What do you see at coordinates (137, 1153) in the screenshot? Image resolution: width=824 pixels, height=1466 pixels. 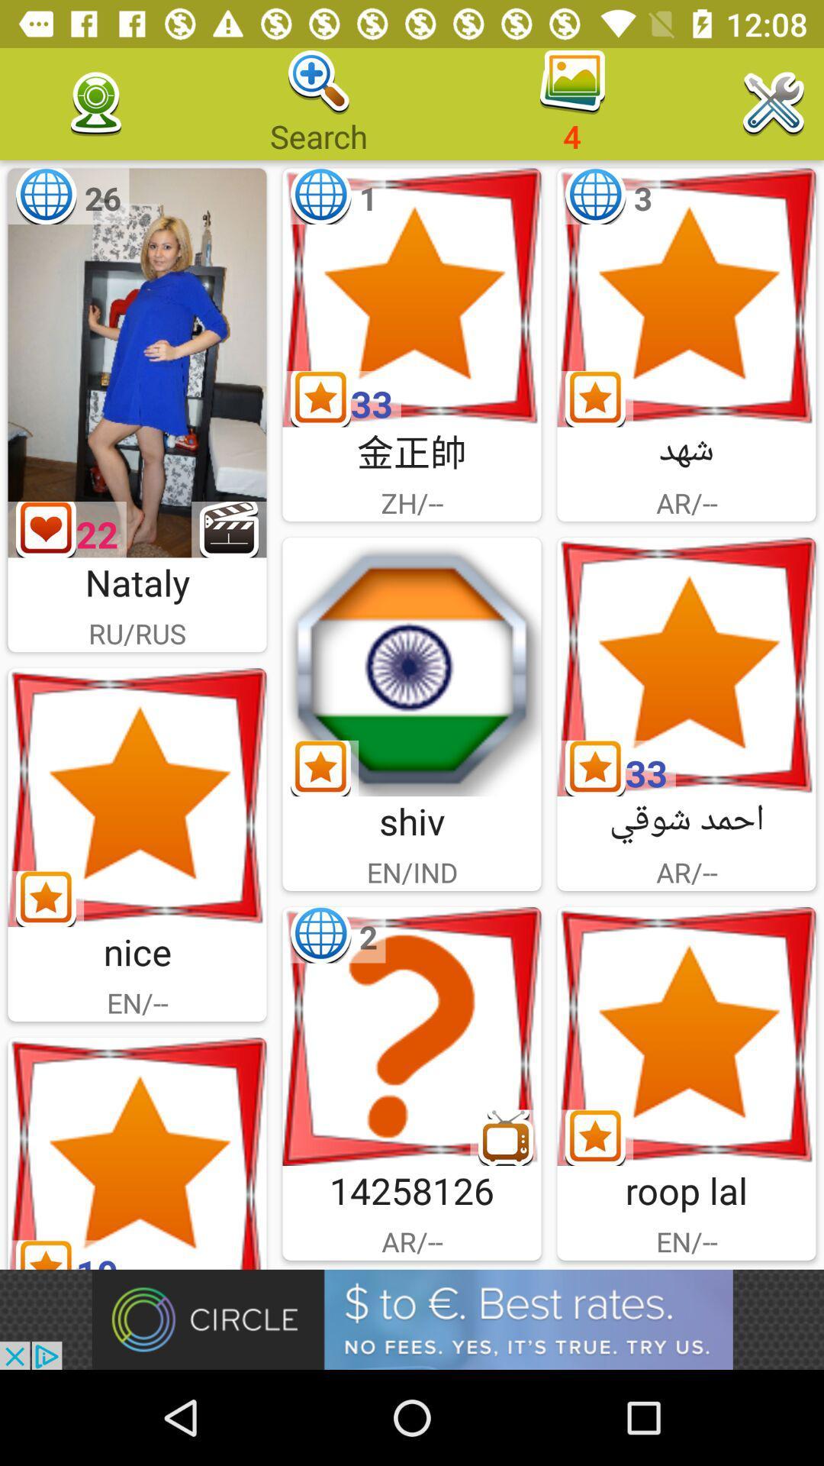 I see `the good product are sale` at bounding box center [137, 1153].